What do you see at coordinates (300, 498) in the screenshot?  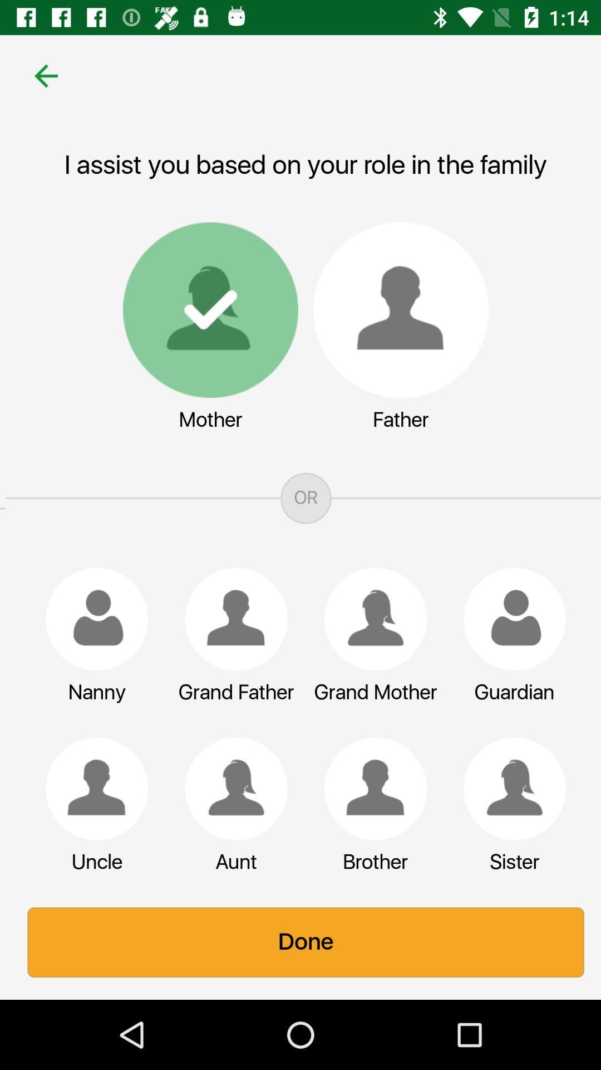 I see `or` at bounding box center [300, 498].